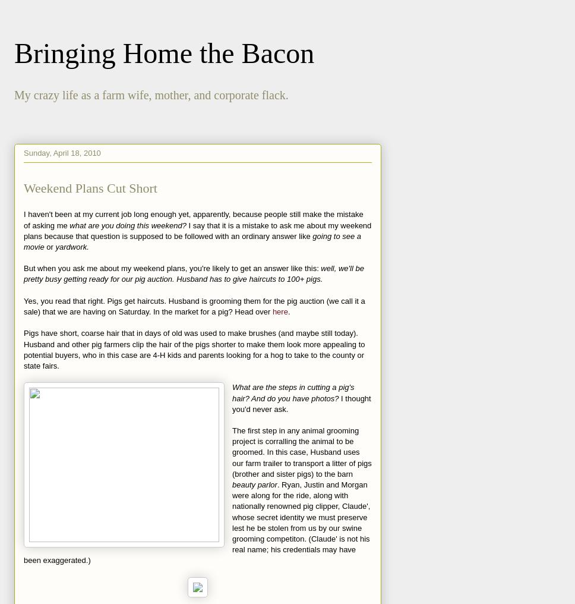  What do you see at coordinates (72, 246) in the screenshot?
I see `'yardwork.'` at bounding box center [72, 246].